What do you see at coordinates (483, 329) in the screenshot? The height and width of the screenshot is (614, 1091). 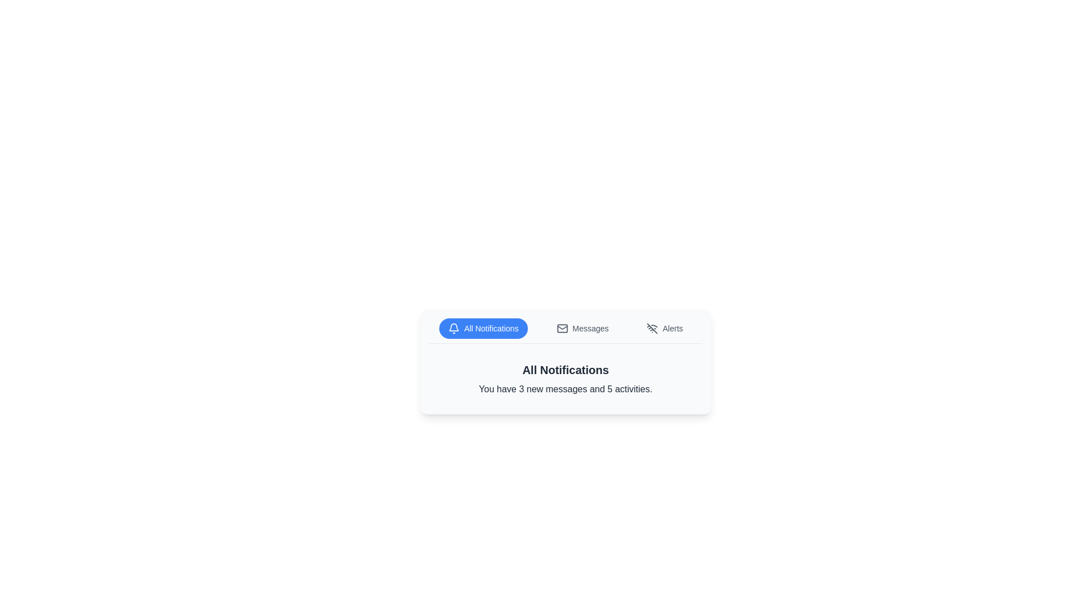 I see `the leftmost button in the group of notifications` at bounding box center [483, 329].